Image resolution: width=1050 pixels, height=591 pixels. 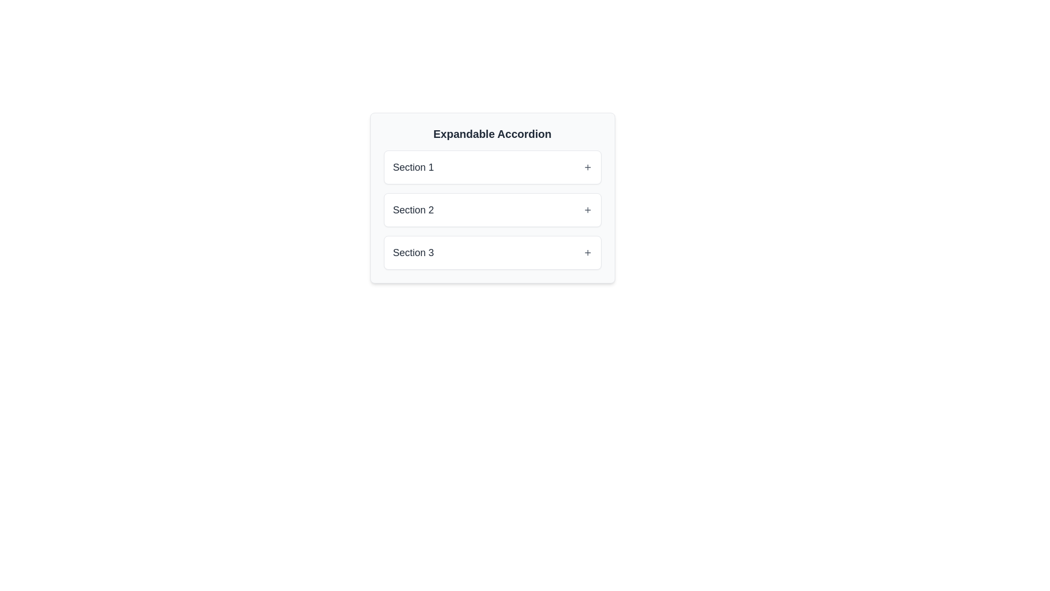 What do you see at coordinates (587, 253) in the screenshot?
I see `the expand/collapse button located to the right of the 'Section 3' label in the third row of the accordion layout` at bounding box center [587, 253].